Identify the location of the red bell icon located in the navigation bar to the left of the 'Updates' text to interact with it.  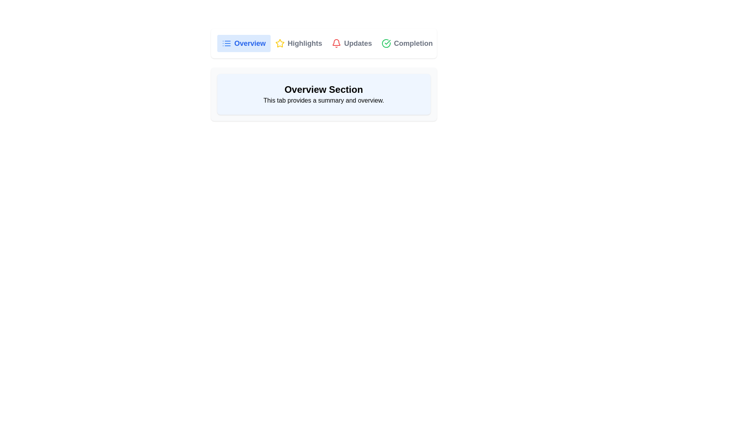
(336, 43).